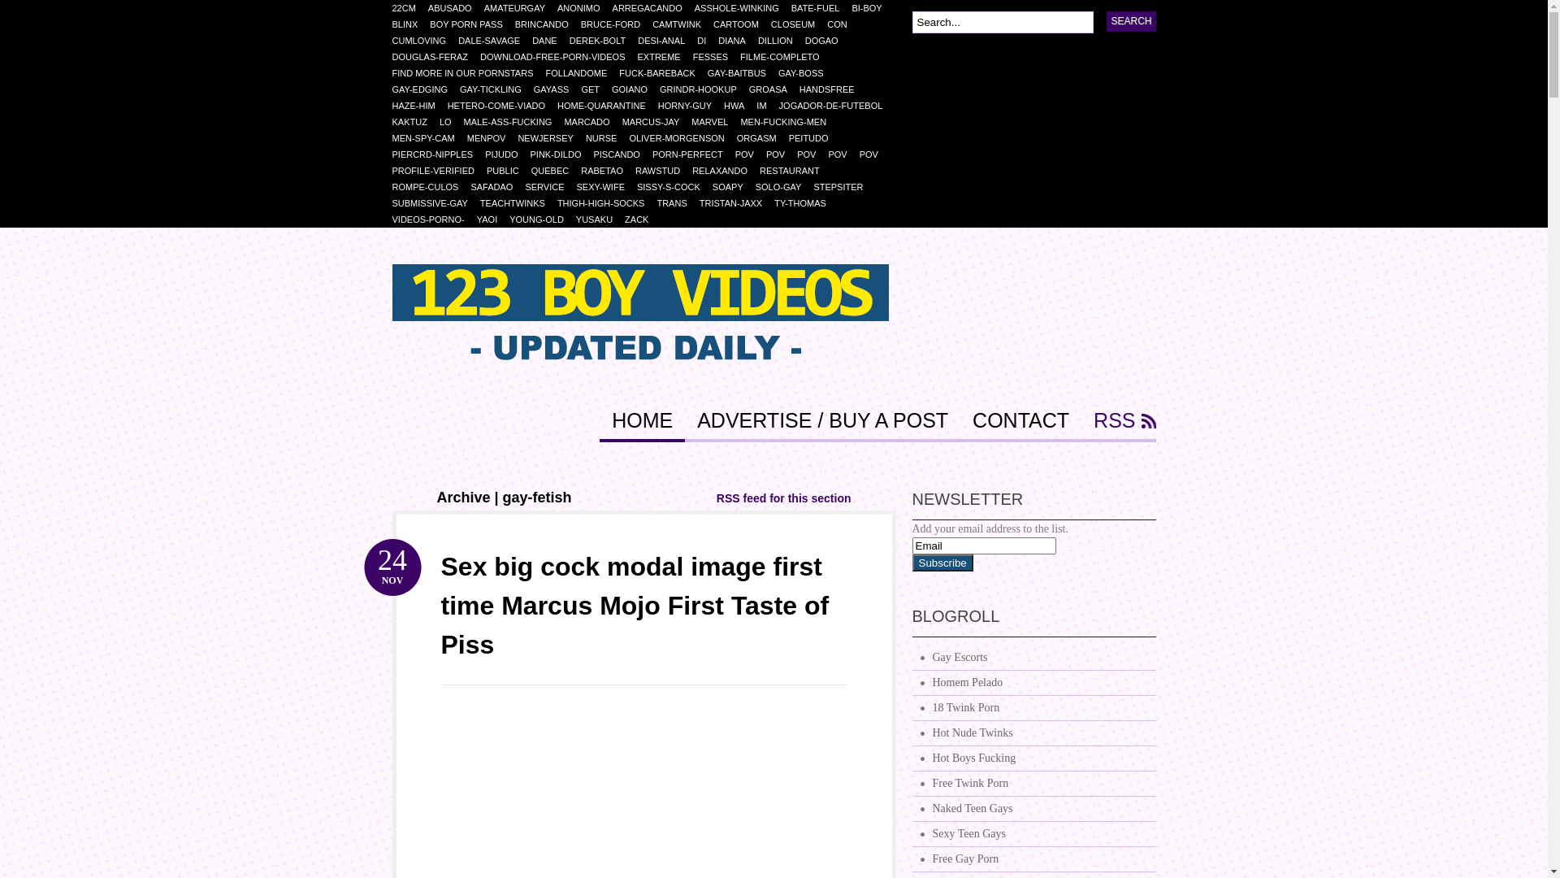 This screenshot has height=878, width=1560. Describe the element at coordinates (664, 55) in the screenshot. I see `'EXTREME'` at that location.